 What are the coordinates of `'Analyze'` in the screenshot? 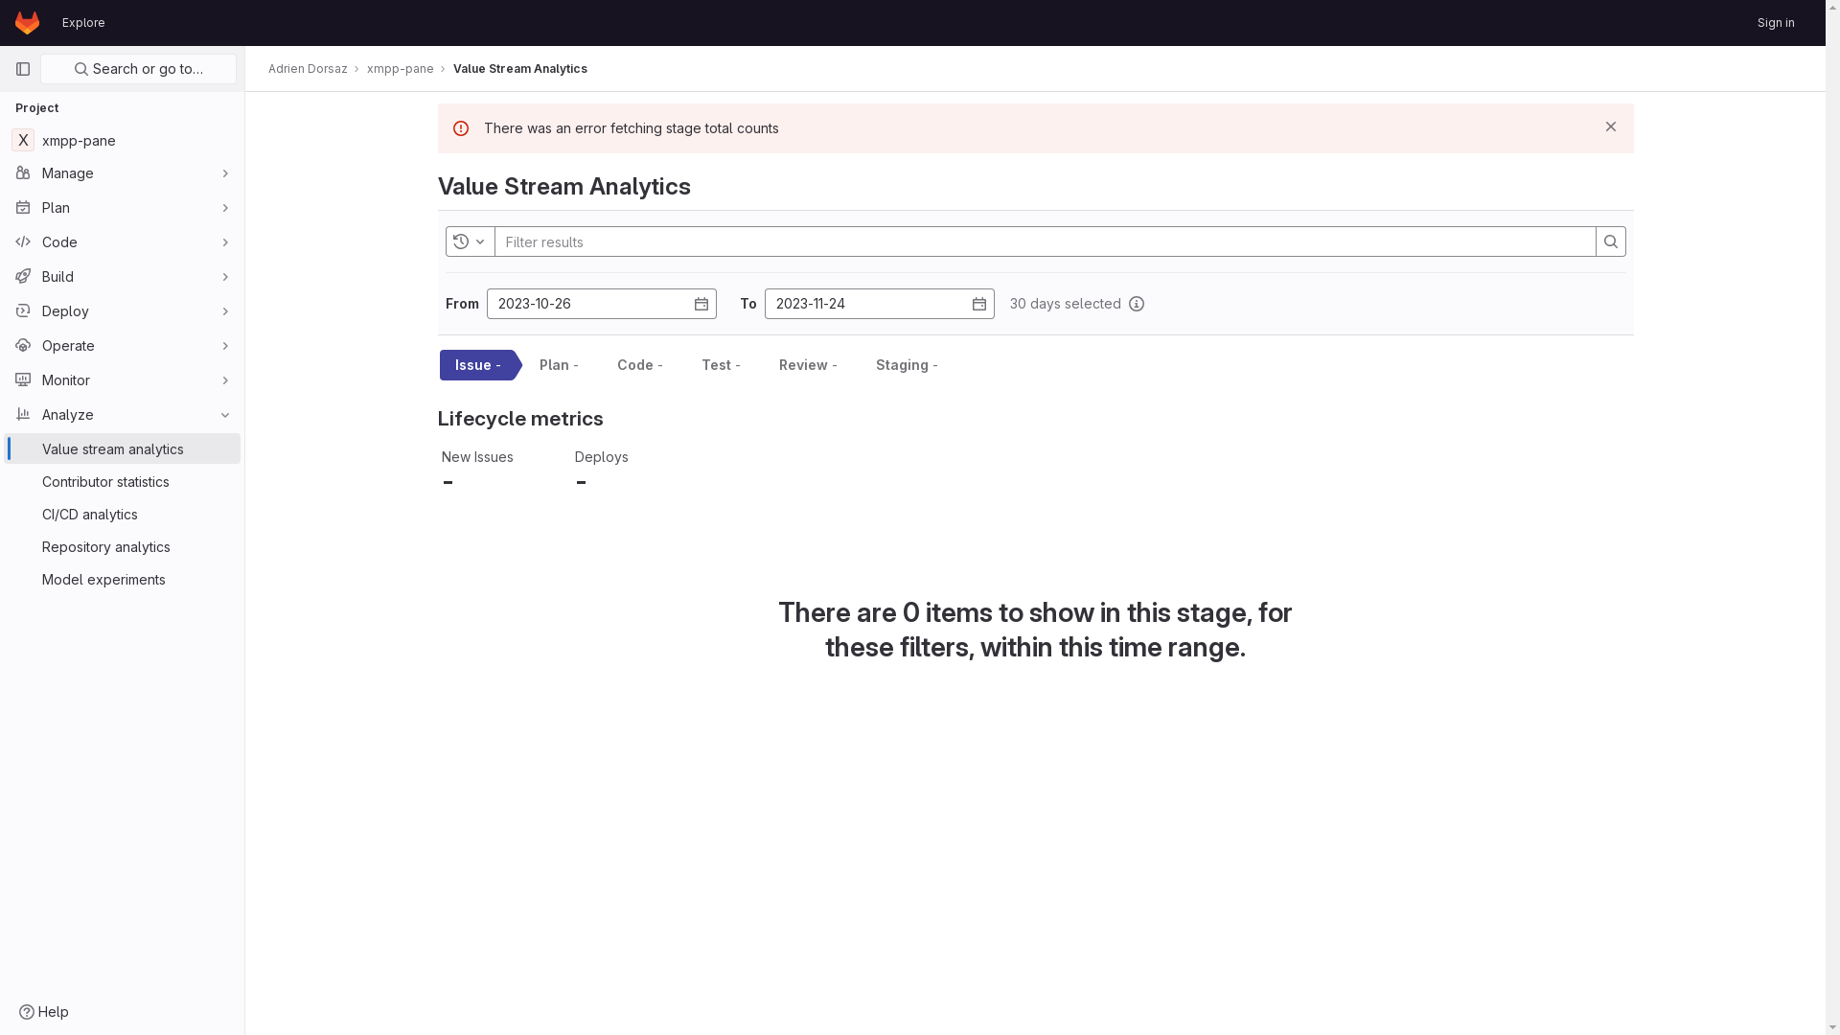 It's located at (121, 413).